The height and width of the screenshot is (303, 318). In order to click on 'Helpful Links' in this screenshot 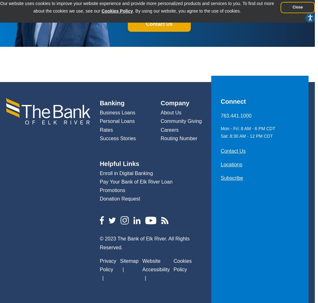, I will do `click(119, 163)`.